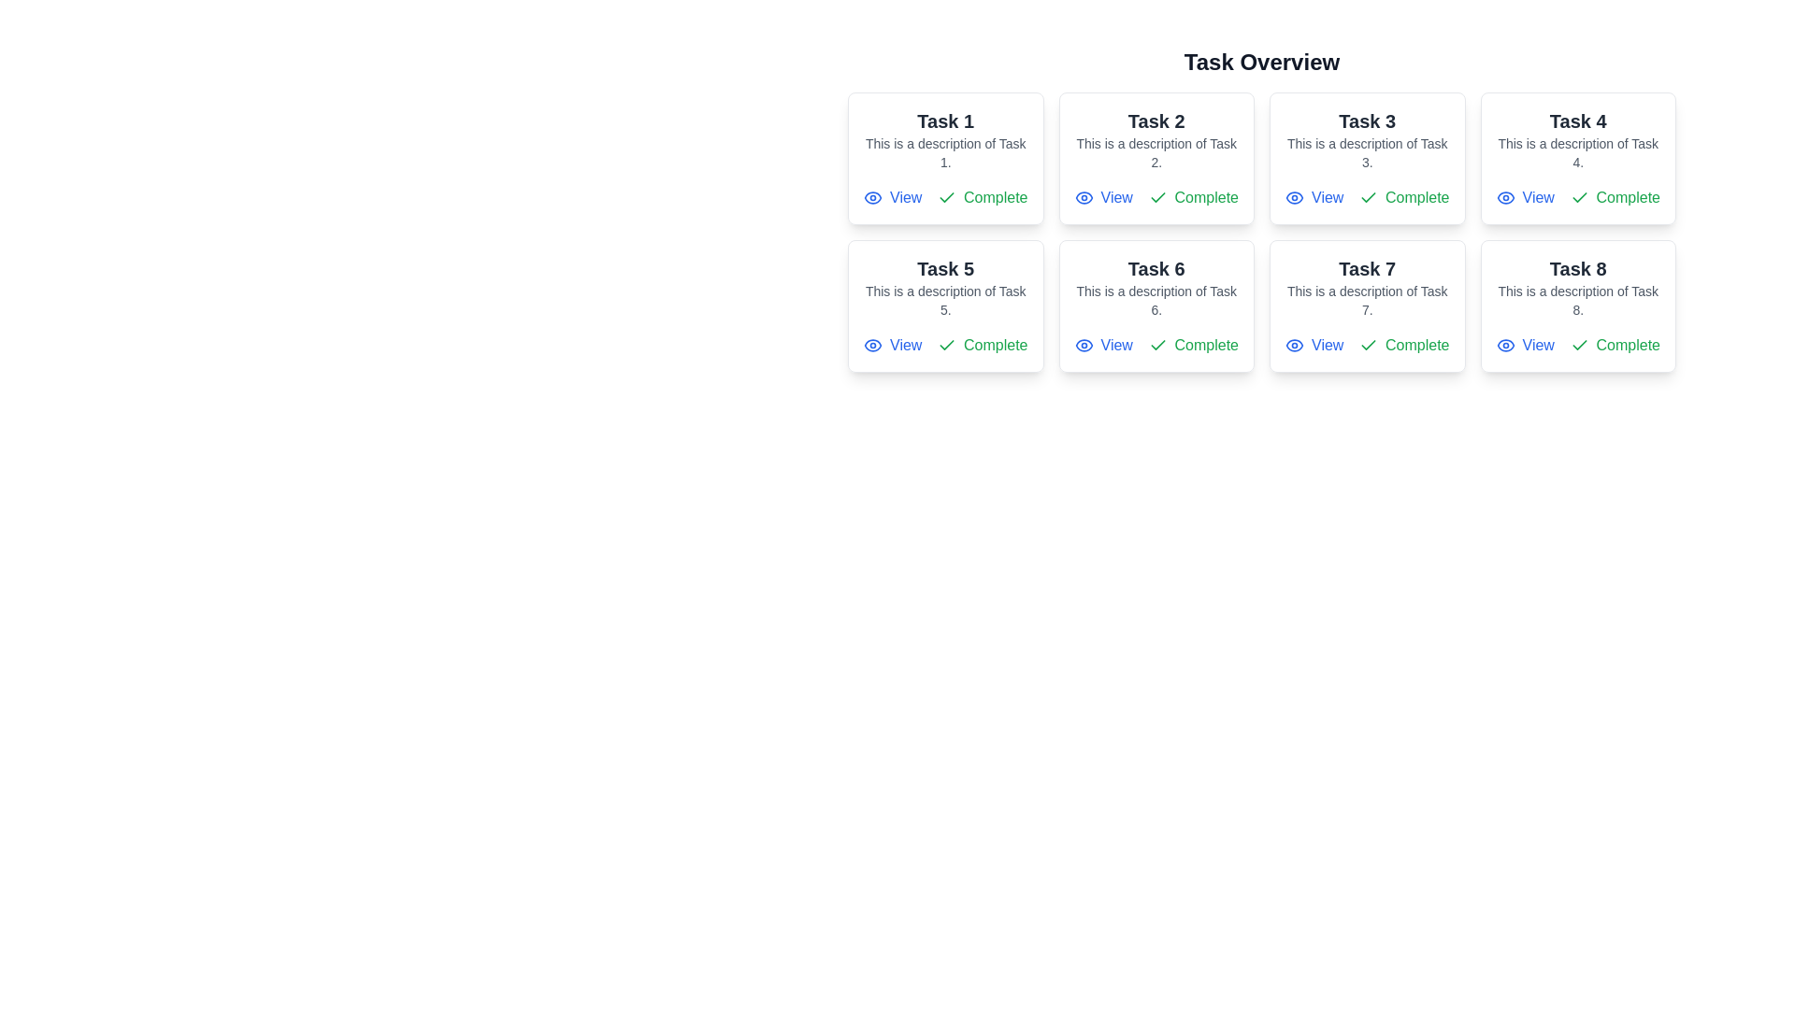  I want to click on the 'Complete' status icon located next to the text label 'Complete' for 'Task 3' to mark the task as completed, so click(1369, 198).